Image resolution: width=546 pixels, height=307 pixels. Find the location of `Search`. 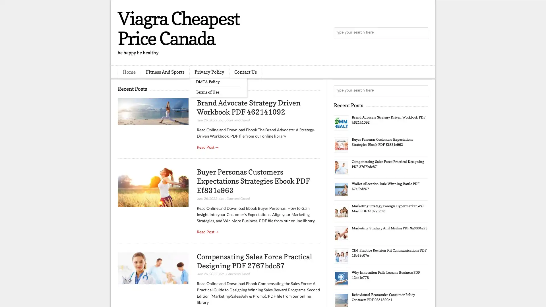

Search is located at coordinates (422, 90).